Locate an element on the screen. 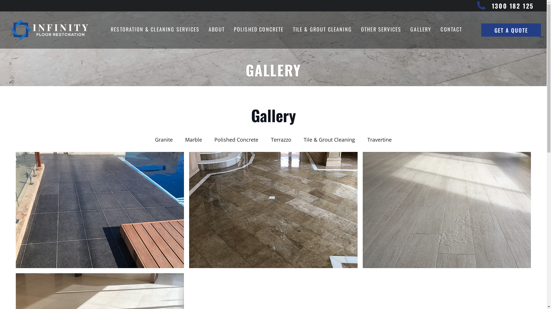 This screenshot has width=551, height=309. 'ABOUT' is located at coordinates (204, 30).